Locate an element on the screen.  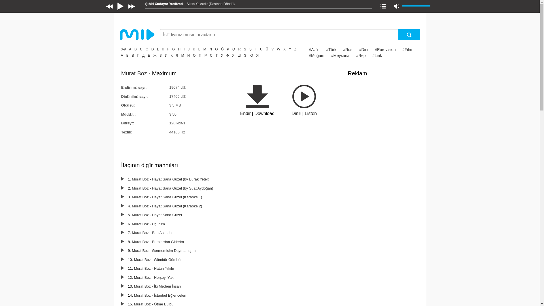
'U' is located at coordinates (261, 49).